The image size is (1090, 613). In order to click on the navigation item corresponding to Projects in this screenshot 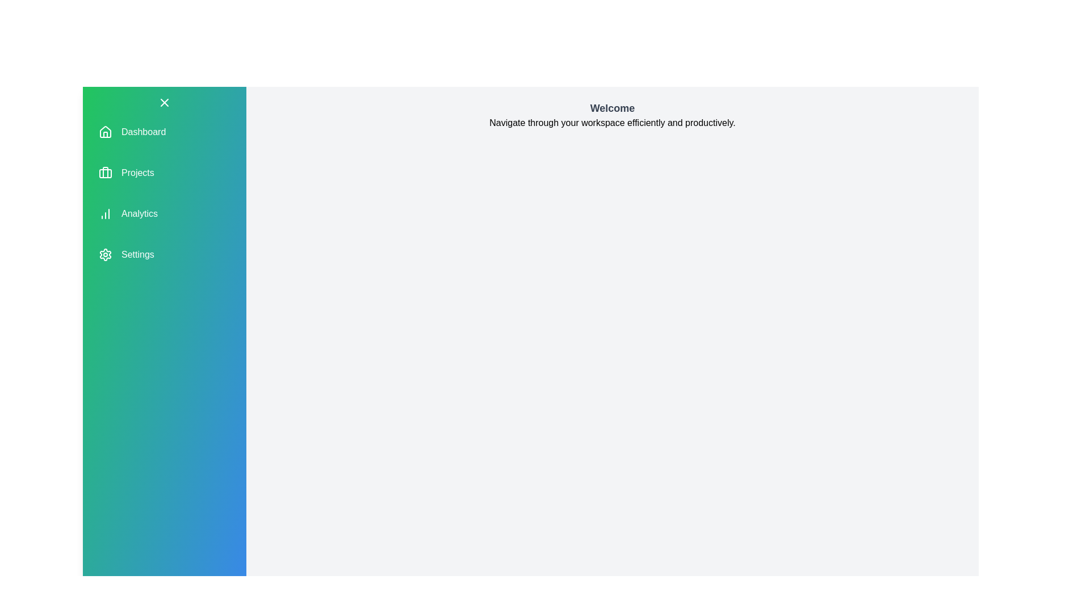, I will do `click(137, 173)`.